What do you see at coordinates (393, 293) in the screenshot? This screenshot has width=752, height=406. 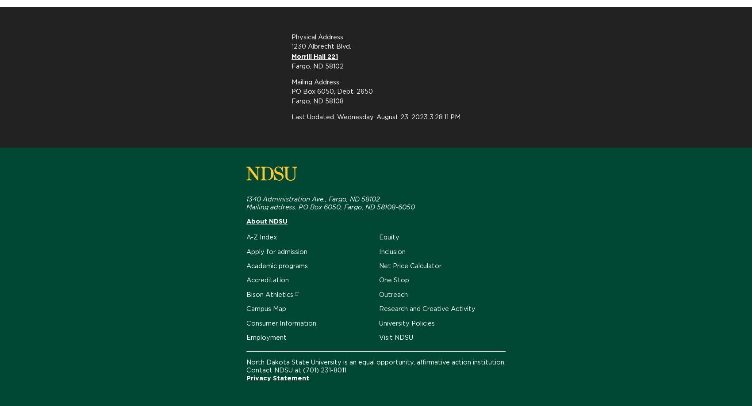 I see `'Outreach'` at bounding box center [393, 293].